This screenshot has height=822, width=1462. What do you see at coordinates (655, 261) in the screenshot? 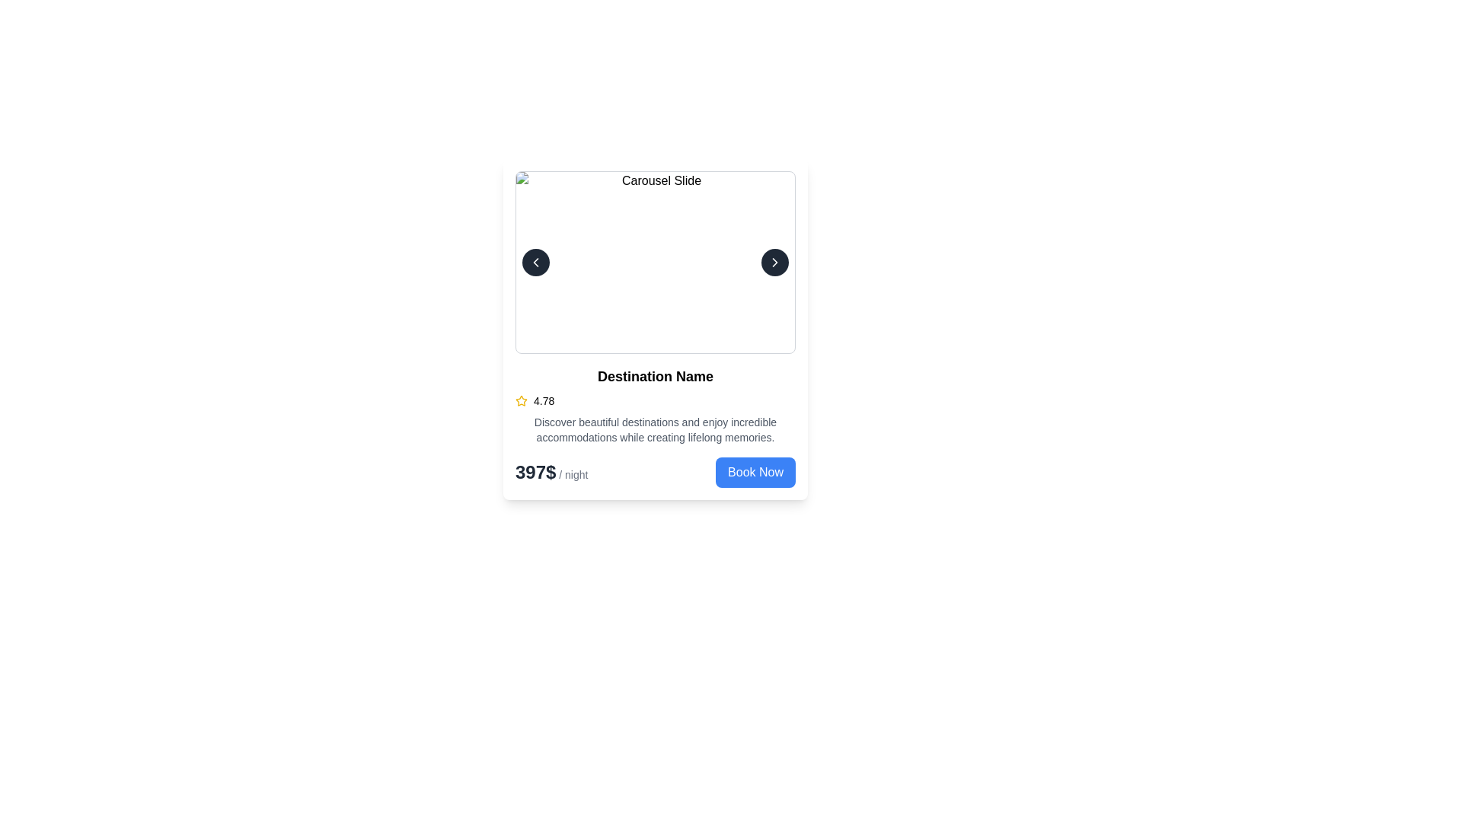
I see `the main image displayed in the carousel structure, which is bordered by interactive navigation buttons on both sides` at bounding box center [655, 261].